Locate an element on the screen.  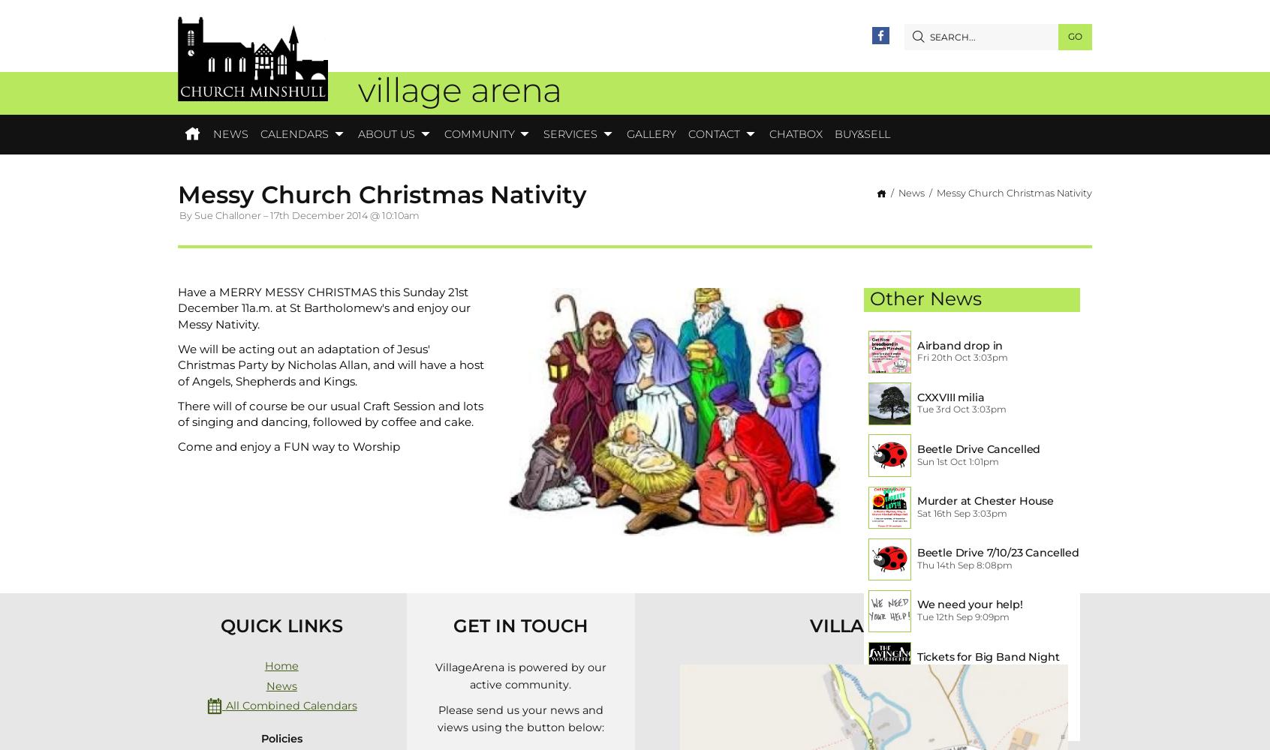
'Policies' is located at coordinates (260, 737).